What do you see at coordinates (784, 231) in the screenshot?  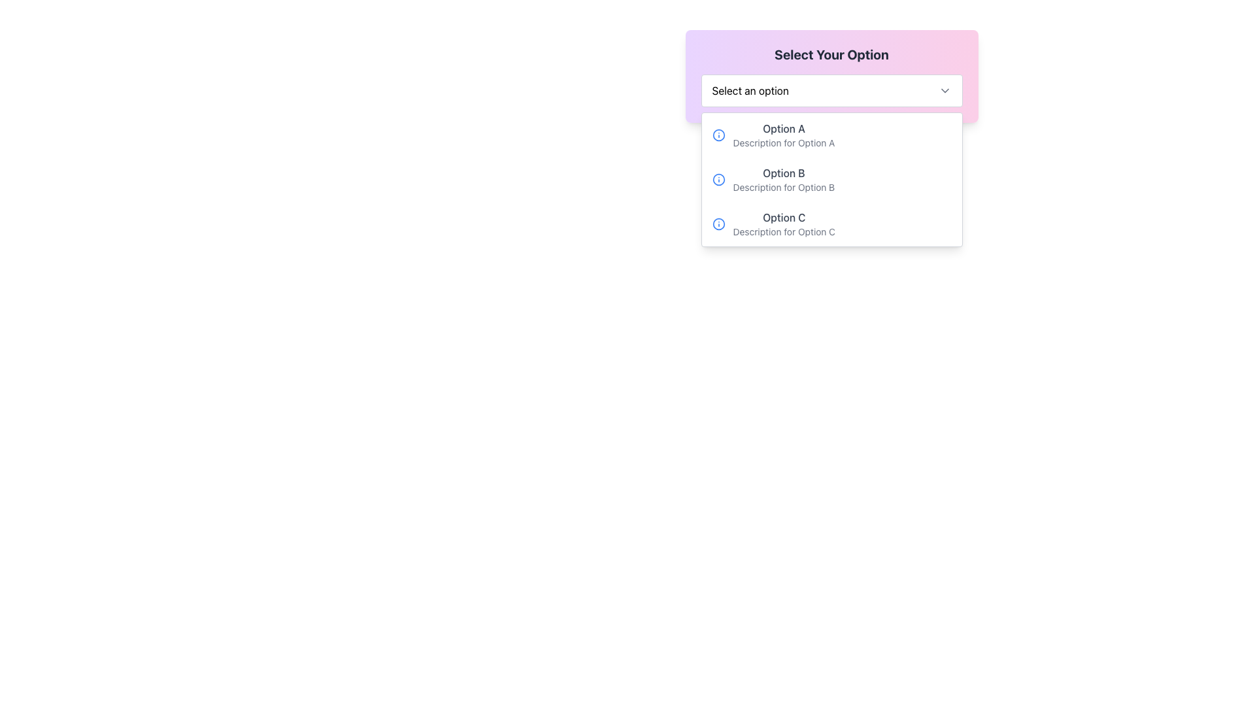 I see `the text label displaying 'Description for Option C', which is styled with a smaller gray font and is part of the dropdown menu below the 'Select Your Option' button` at bounding box center [784, 231].